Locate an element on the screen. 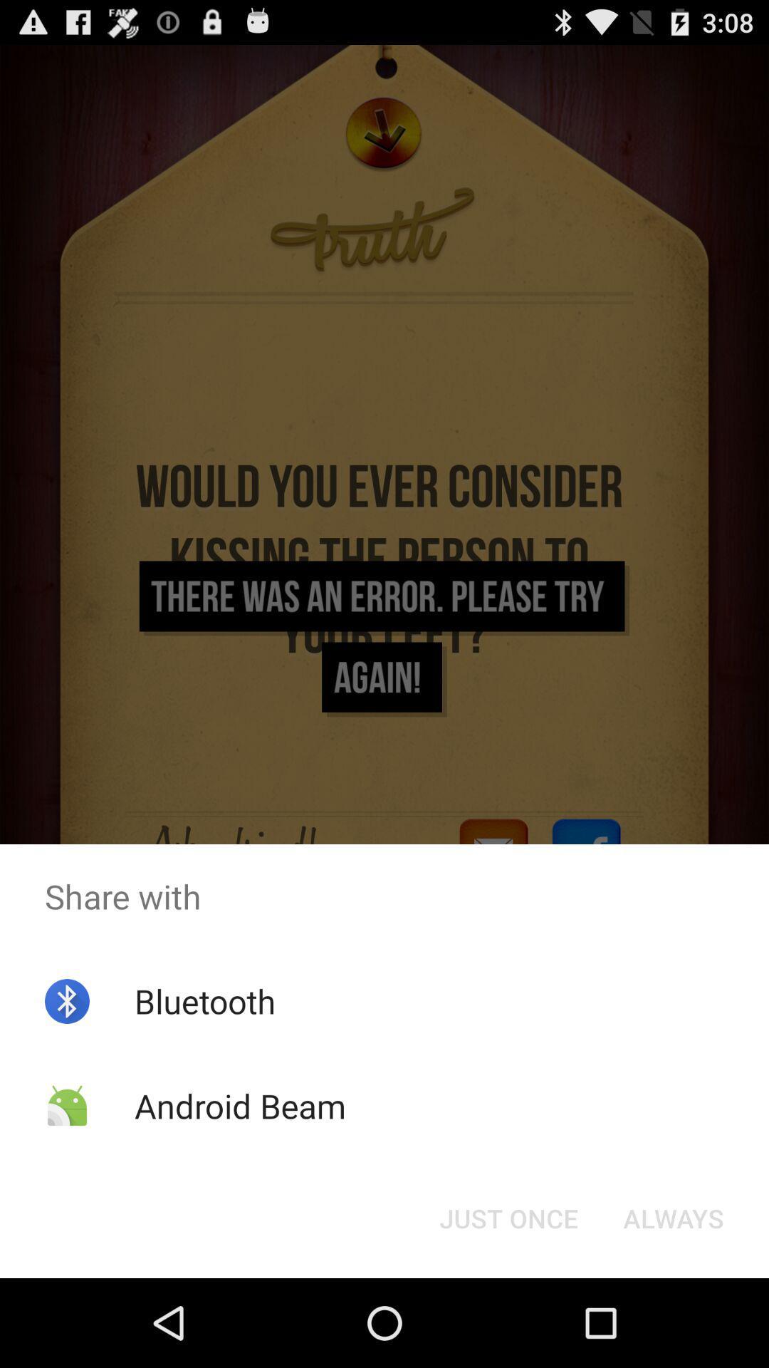  the button next to just once button is located at coordinates (673, 1217).